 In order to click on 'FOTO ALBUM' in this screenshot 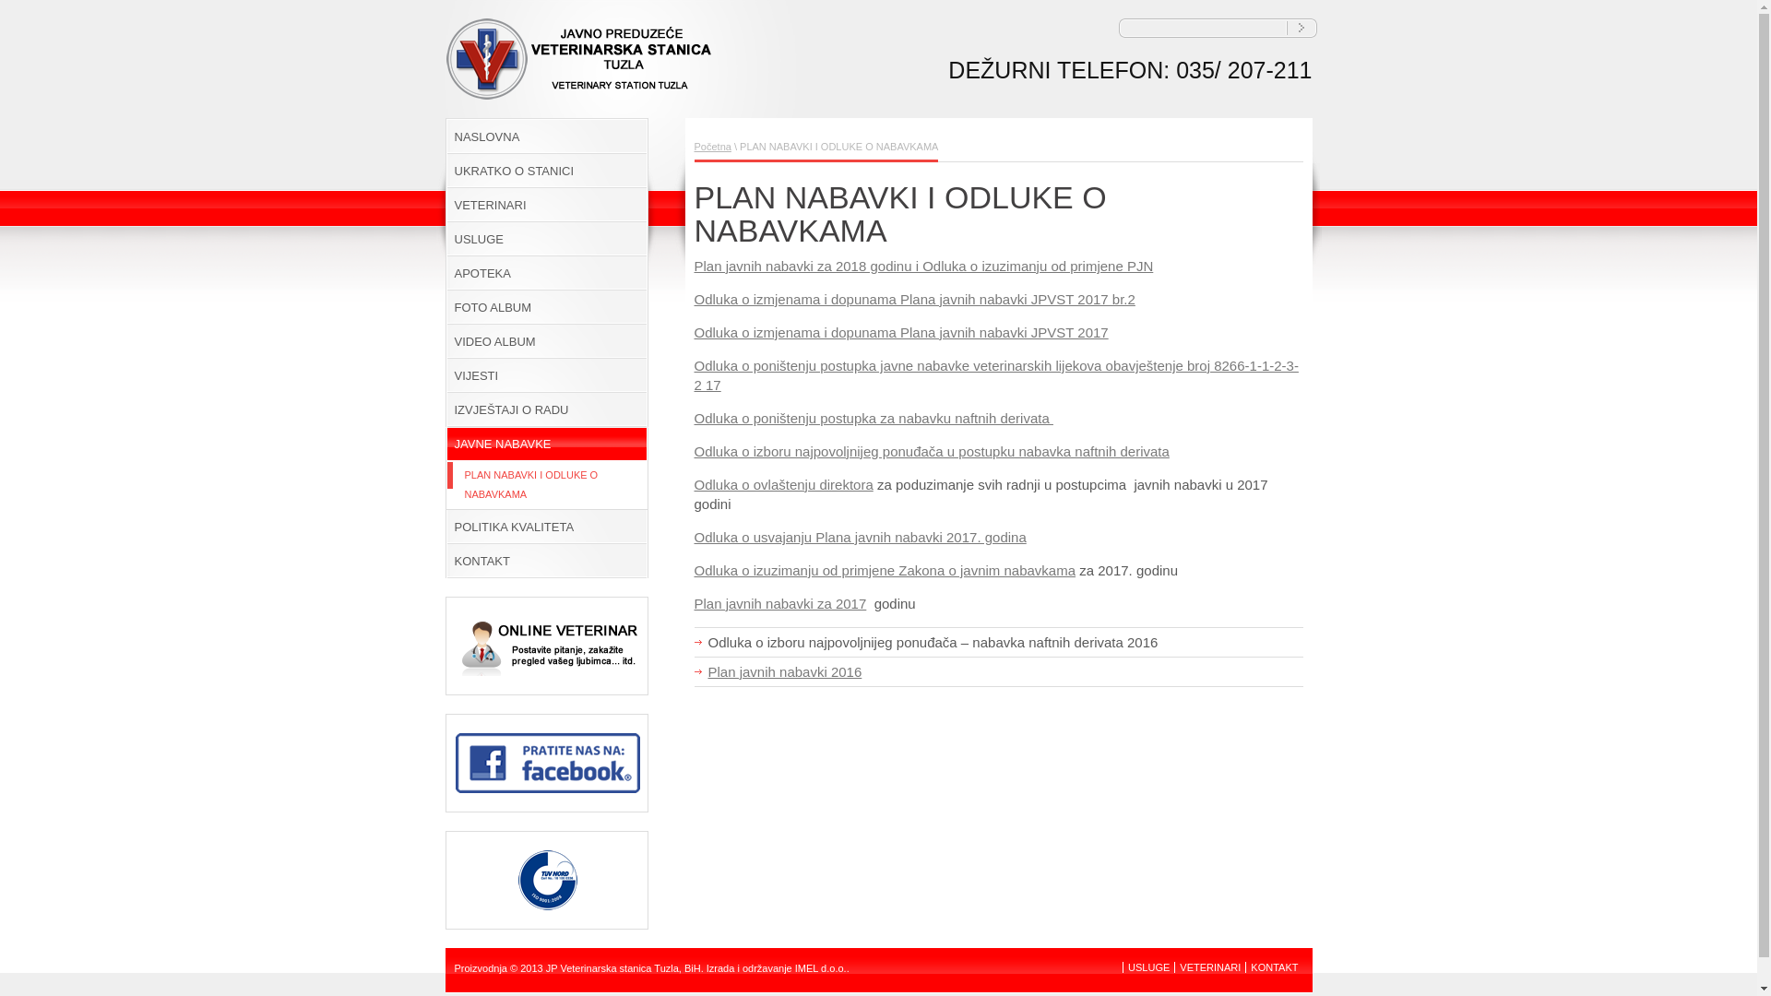, I will do `click(544, 306)`.